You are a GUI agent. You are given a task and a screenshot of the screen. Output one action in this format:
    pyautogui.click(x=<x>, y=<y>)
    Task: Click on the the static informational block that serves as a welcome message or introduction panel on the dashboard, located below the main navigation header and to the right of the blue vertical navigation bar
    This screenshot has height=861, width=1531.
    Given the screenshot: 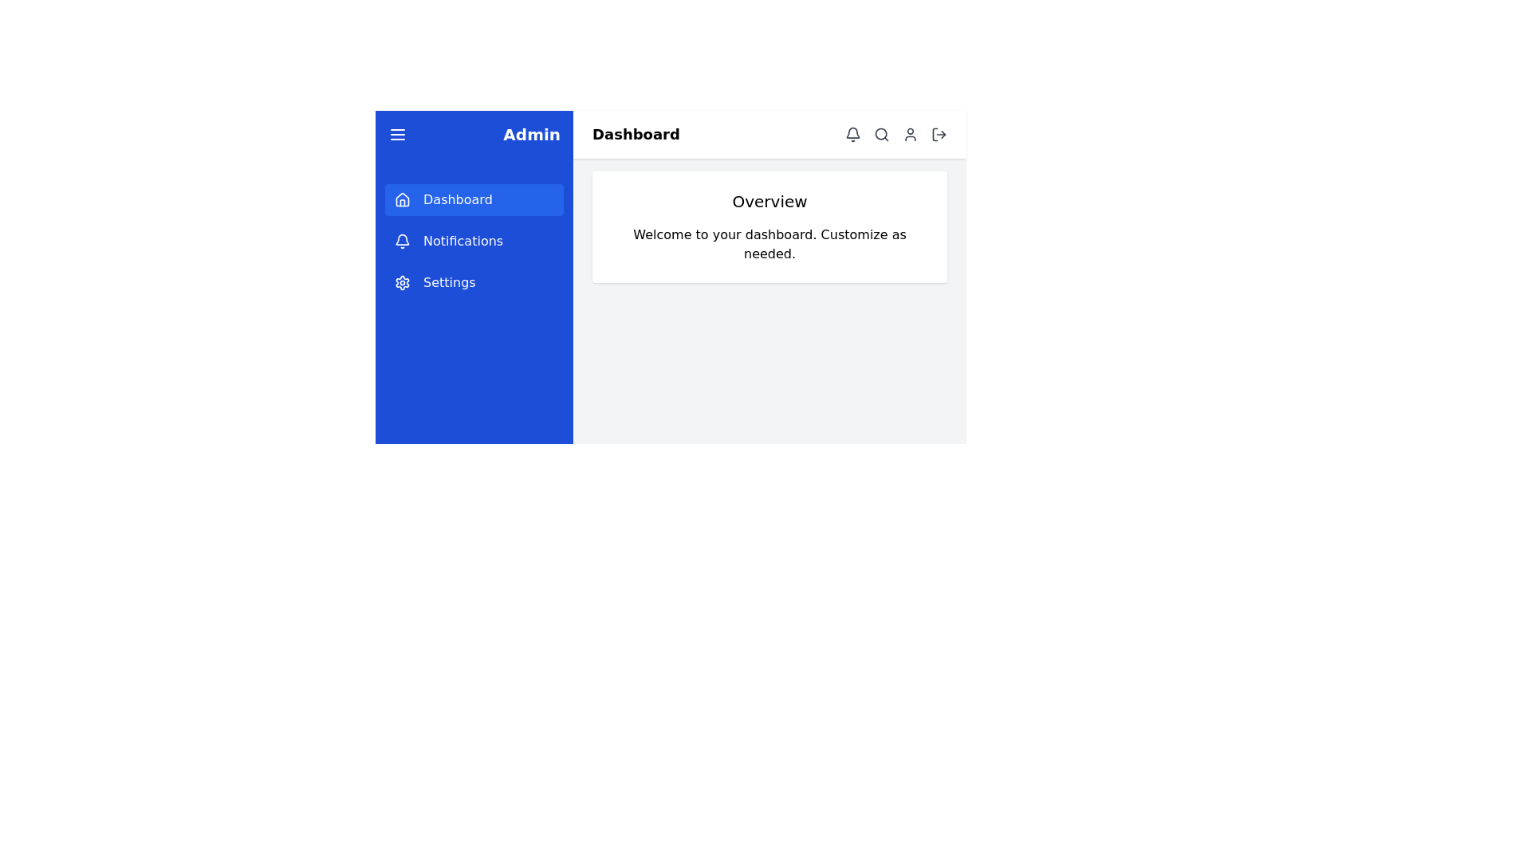 What is the action you would take?
    pyautogui.click(x=769, y=227)
    